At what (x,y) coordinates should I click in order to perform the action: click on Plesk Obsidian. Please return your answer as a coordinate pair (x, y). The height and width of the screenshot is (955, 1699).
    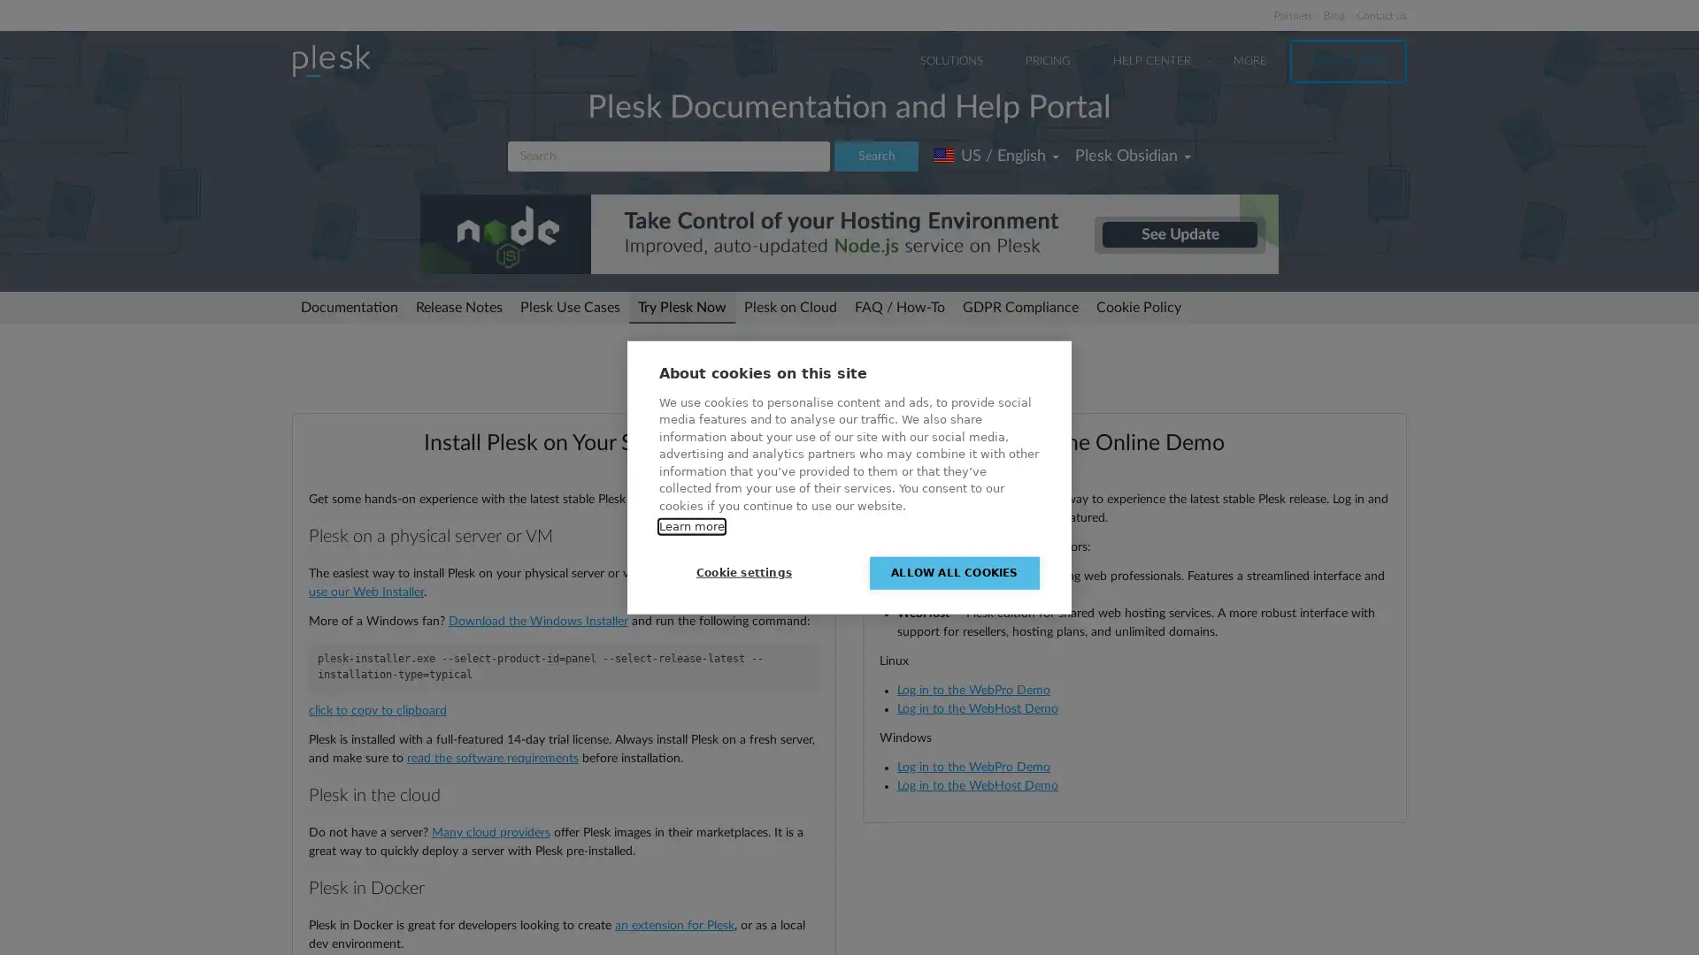
    Looking at the image, I should click on (1133, 156).